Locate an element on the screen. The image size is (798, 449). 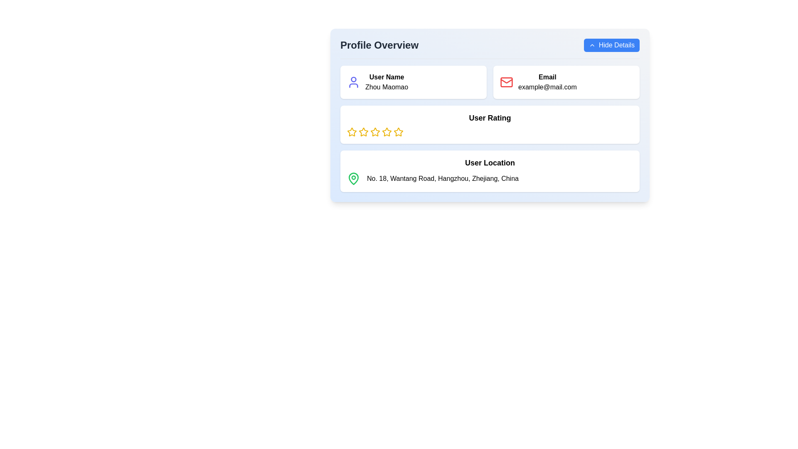
the pin or location marker icon located at the bottom-left of the 'User Location' section in the profile overview interface if it is interactive is located at coordinates (353, 178).